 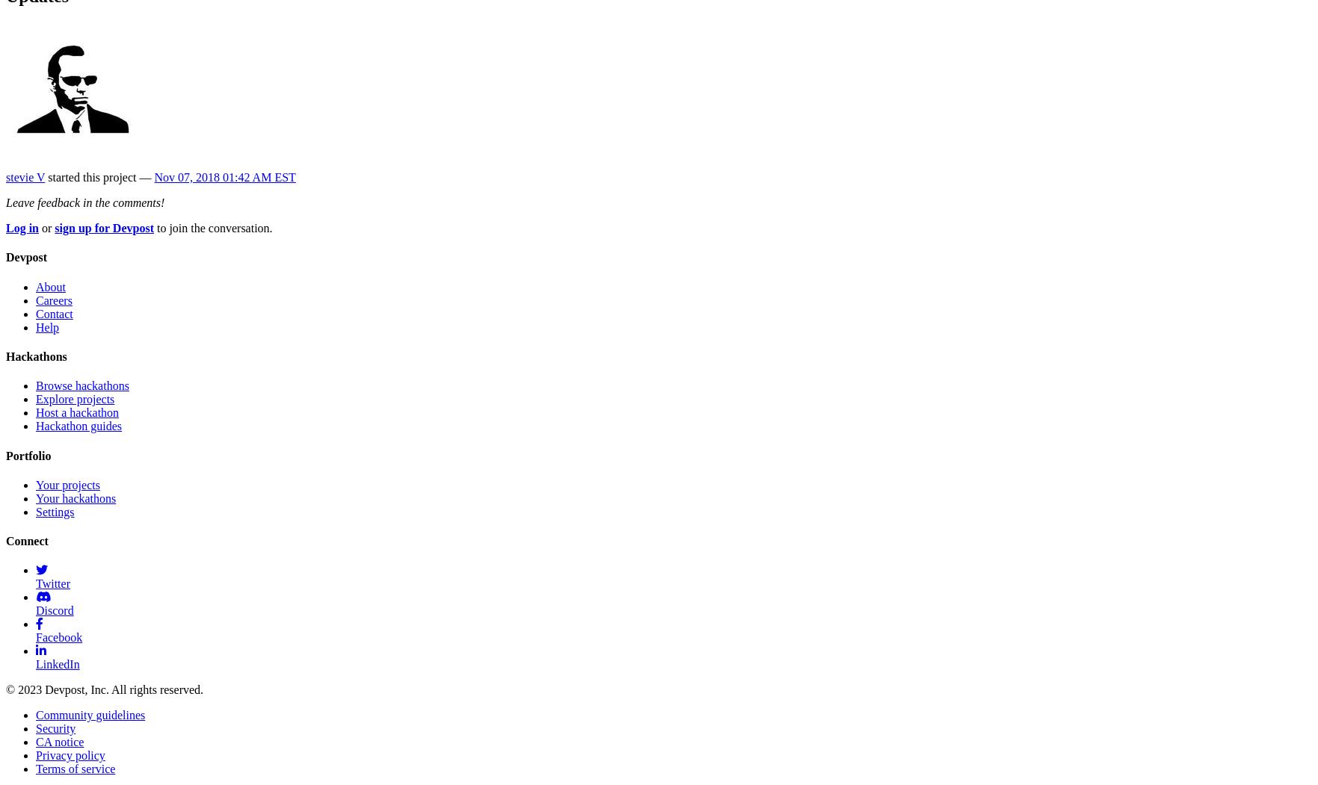 What do you see at coordinates (26, 257) in the screenshot?
I see `'Devpost'` at bounding box center [26, 257].